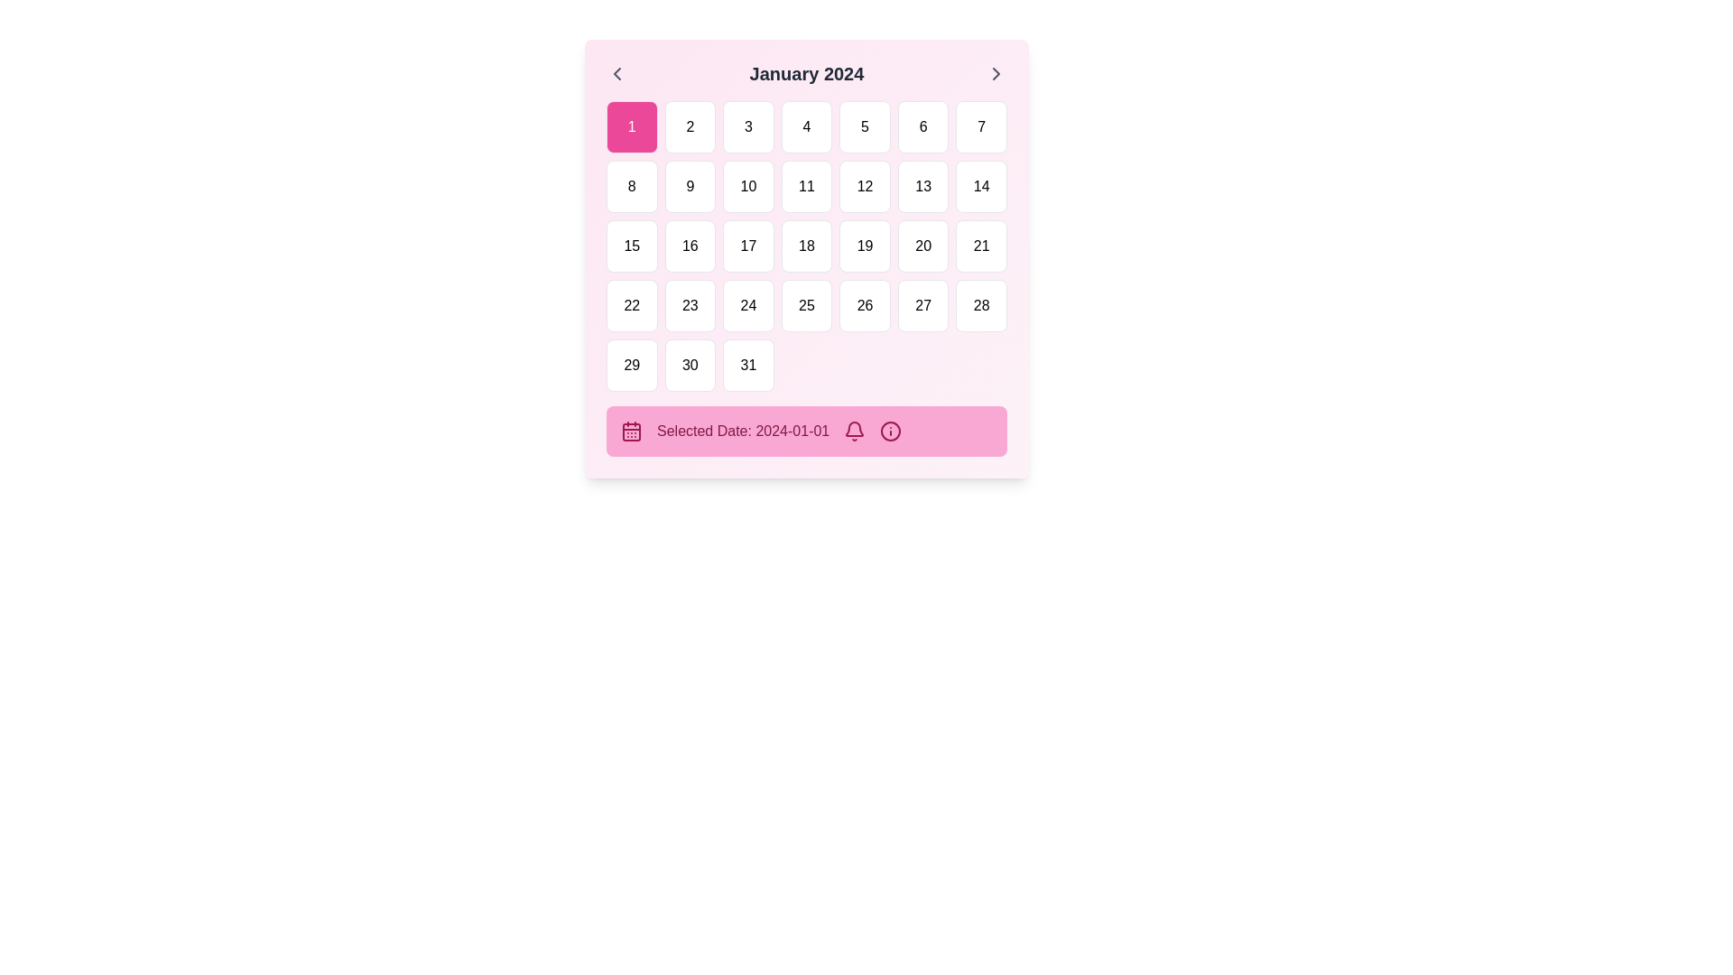  Describe the element at coordinates (748, 126) in the screenshot. I see `the date selector button located in the first row and third column of the pink-themed calendar interface` at that location.